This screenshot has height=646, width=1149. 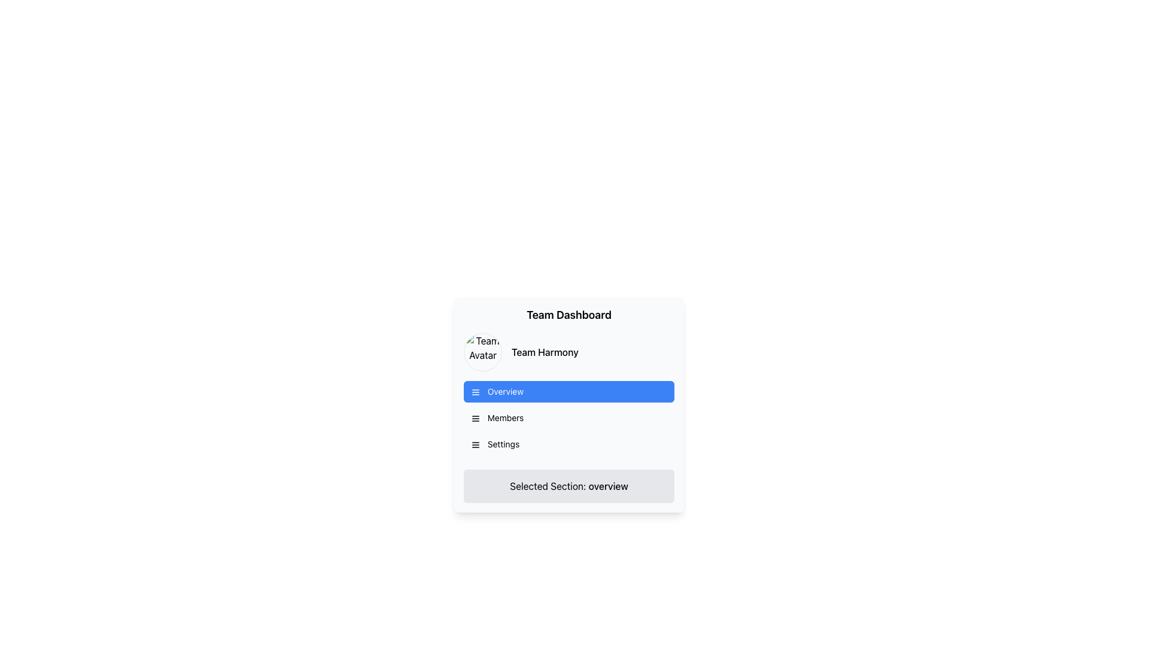 What do you see at coordinates (568, 444) in the screenshot?
I see `the third item in the sidebar navigation list, located between the 'Members' menu item and an empty section` at bounding box center [568, 444].